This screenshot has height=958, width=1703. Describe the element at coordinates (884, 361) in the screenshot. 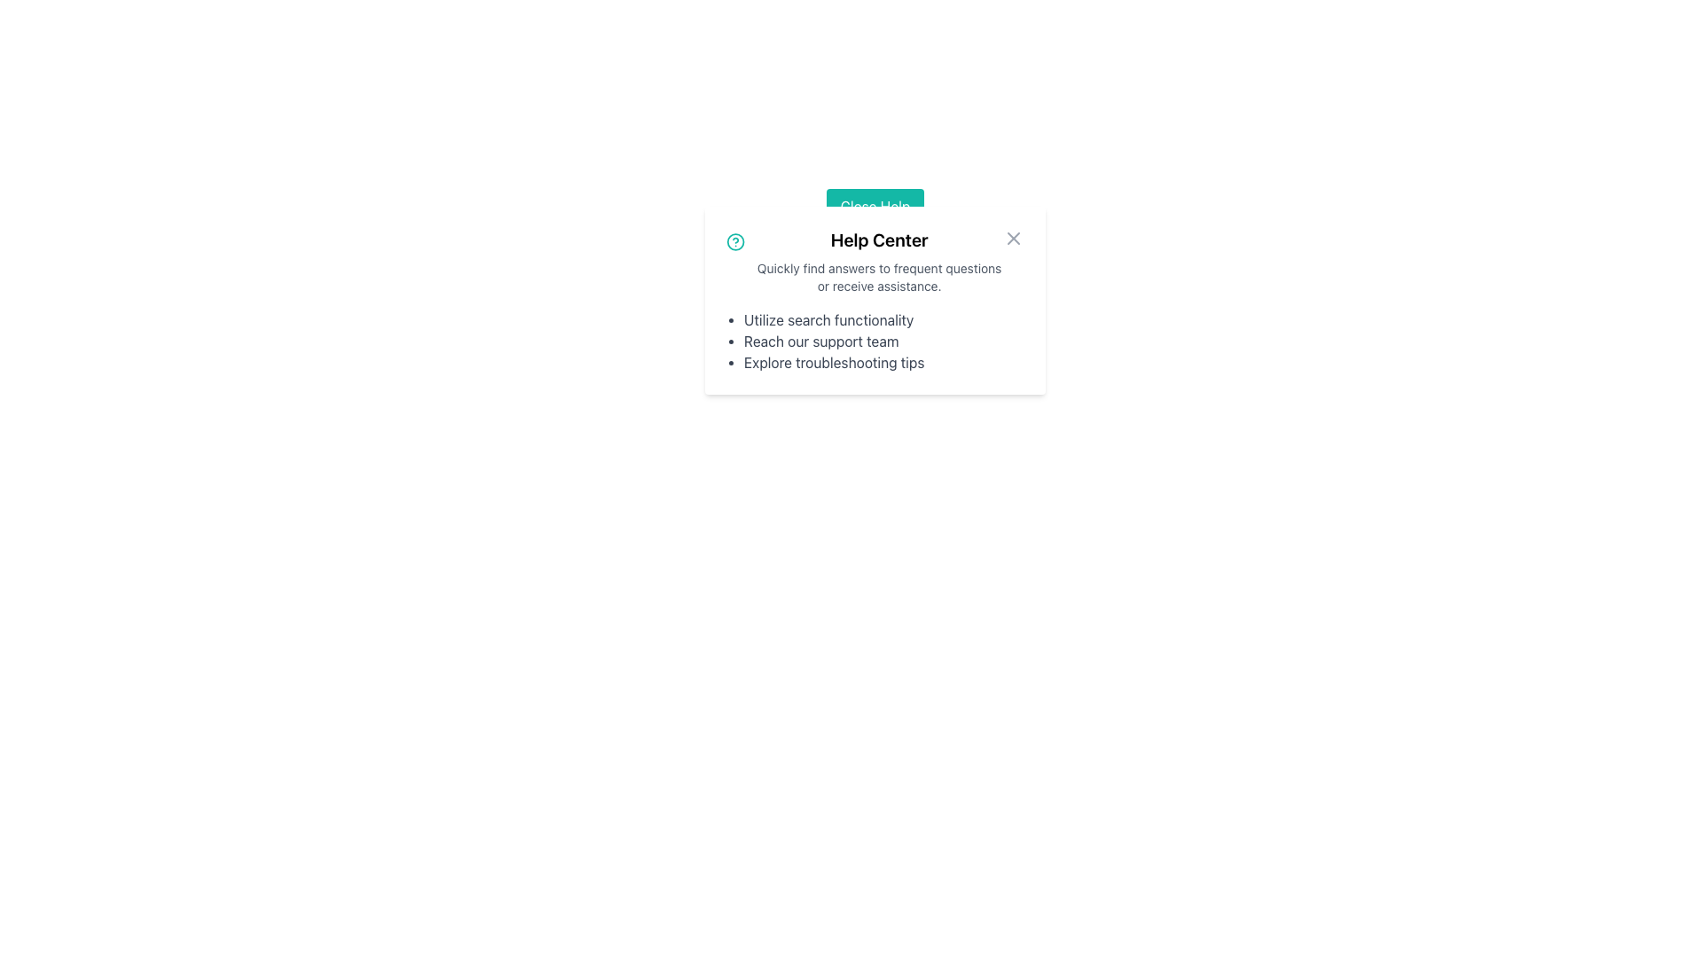

I see `the text block displaying 'Explore troubleshooting tips' in gray color, which is the third item in a bulleted list within a help center popup` at that location.